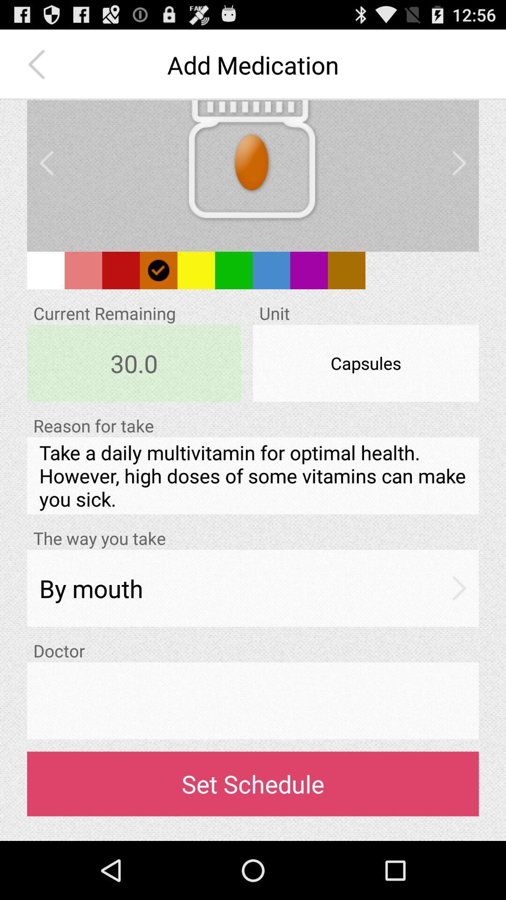  Describe the element at coordinates (459, 174) in the screenshot. I see `the arrow_forward icon` at that location.